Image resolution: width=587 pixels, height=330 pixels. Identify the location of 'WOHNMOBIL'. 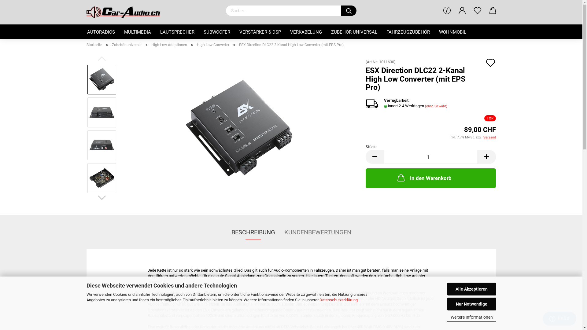
(434, 32).